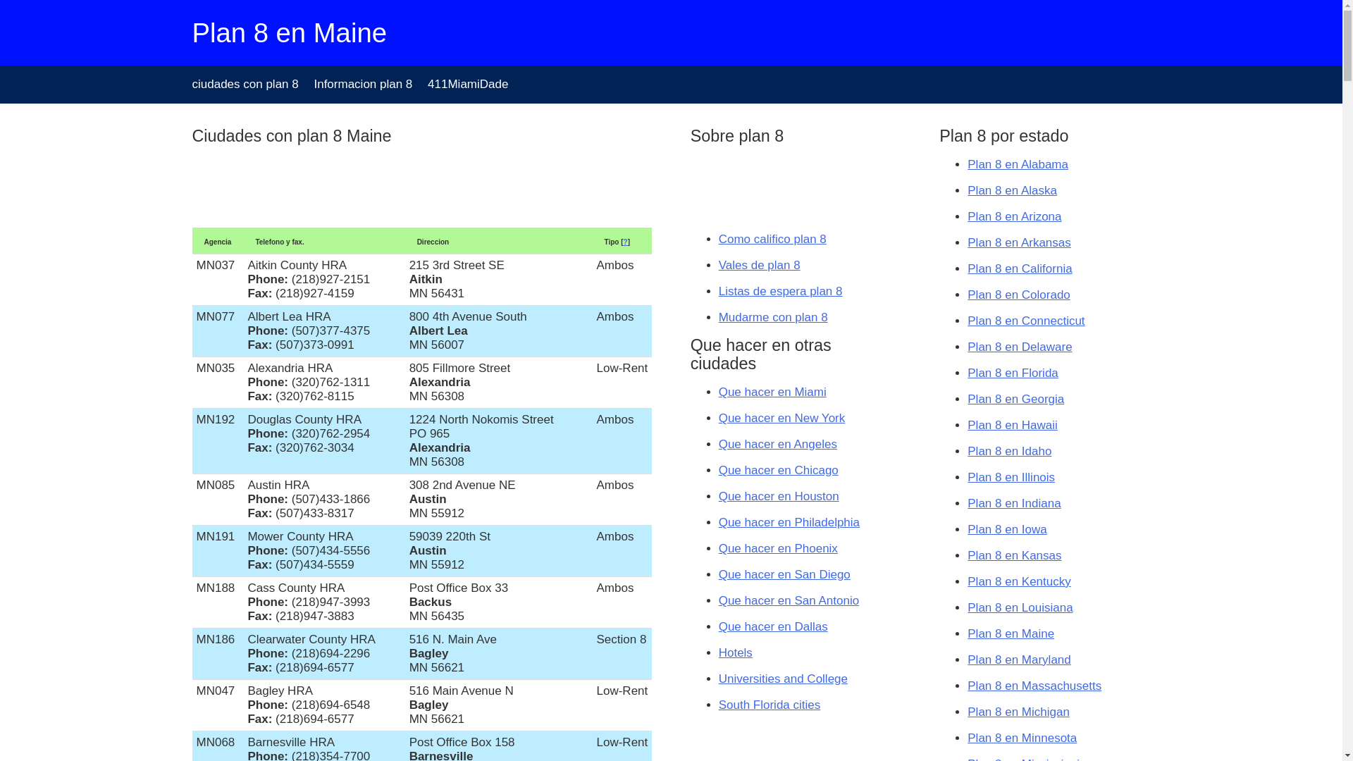 The image size is (1353, 761). Describe the element at coordinates (1025, 321) in the screenshot. I see `'Plan 8 en Connecticut'` at that location.